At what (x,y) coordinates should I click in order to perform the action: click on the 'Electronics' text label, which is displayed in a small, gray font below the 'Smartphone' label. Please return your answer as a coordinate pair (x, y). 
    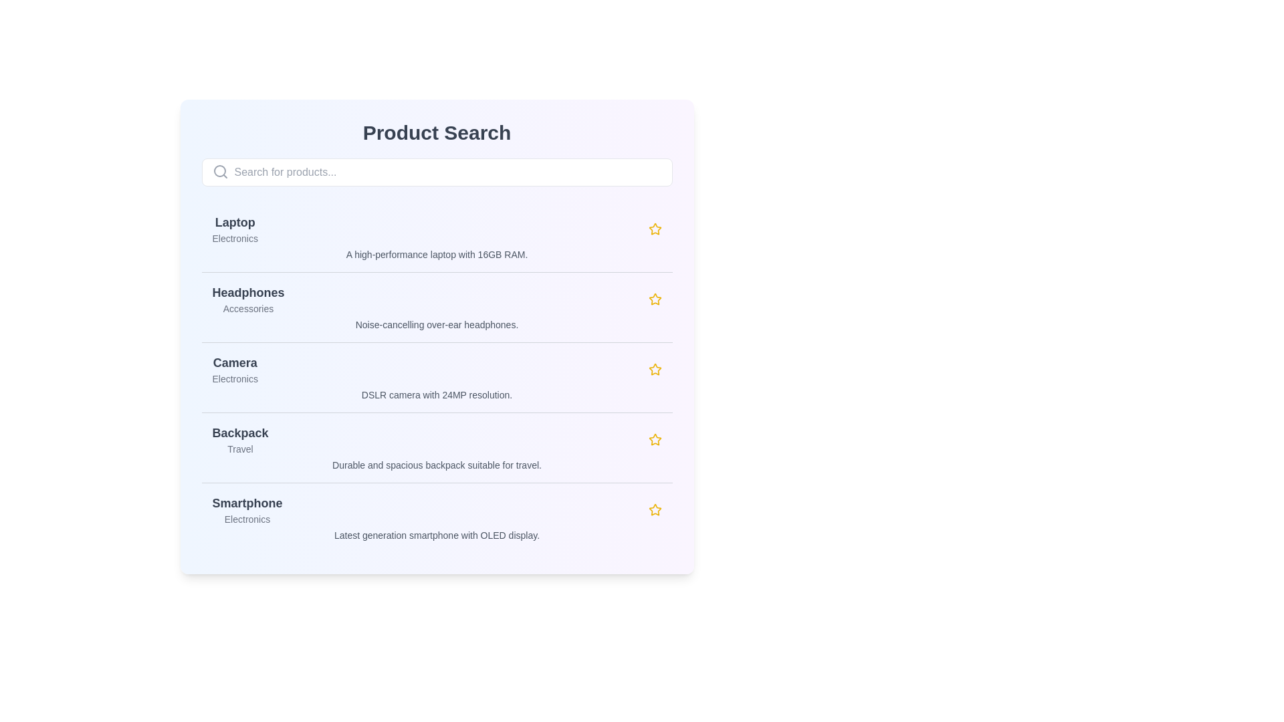
    Looking at the image, I should click on (247, 518).